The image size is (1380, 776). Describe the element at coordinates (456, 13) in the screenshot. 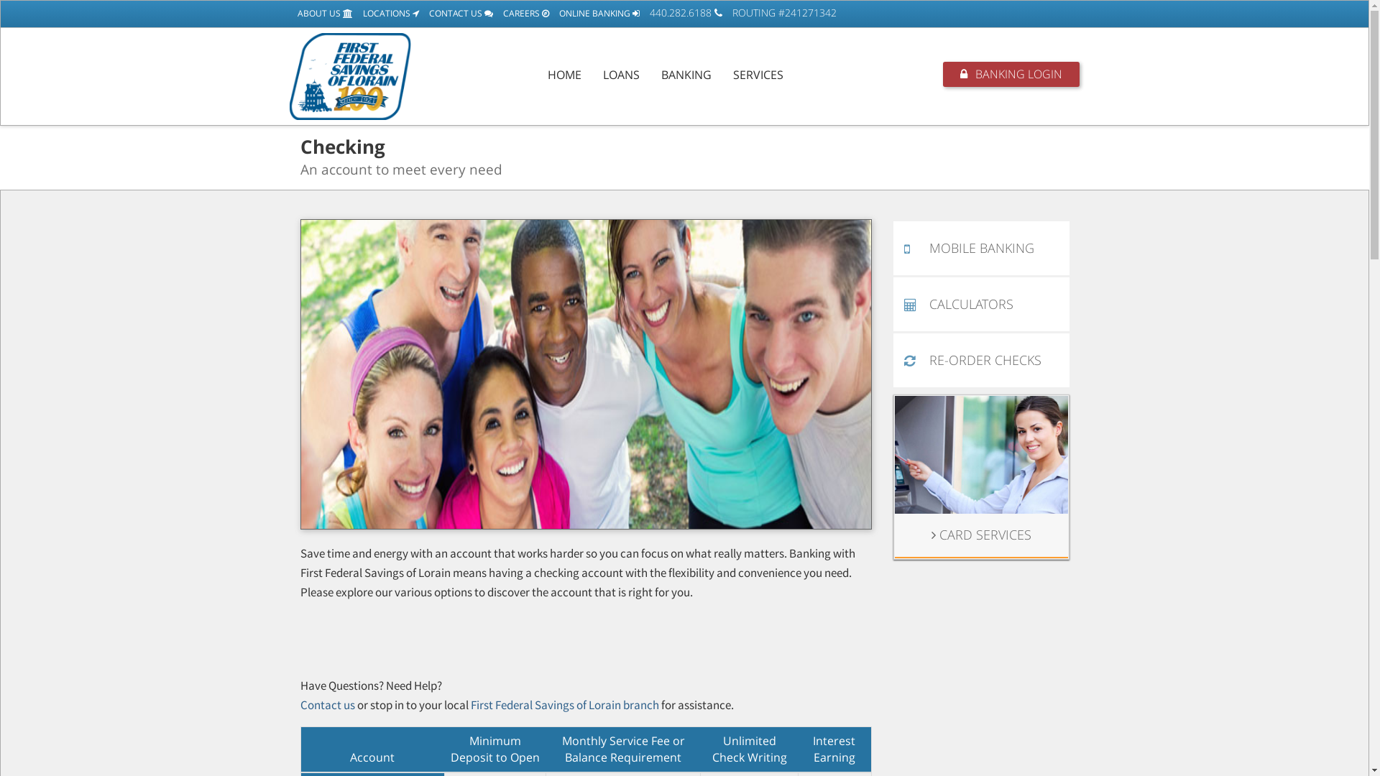

I see `'CONTACT US'` at that location.